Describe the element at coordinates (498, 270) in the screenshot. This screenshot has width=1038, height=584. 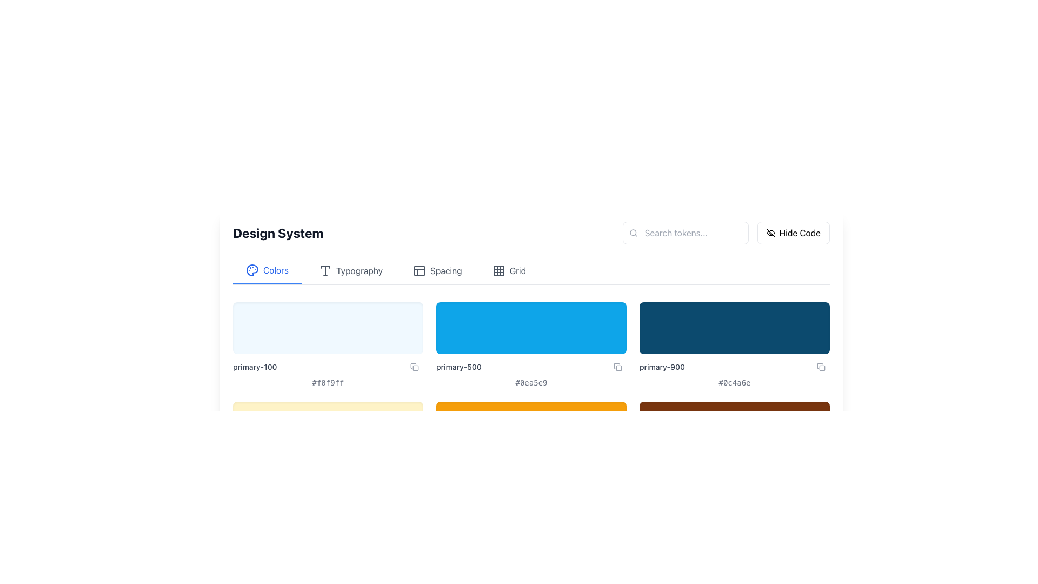
I see `the grid icon located in the top-right area of the interface within the horizontal navigation bar` at that location.